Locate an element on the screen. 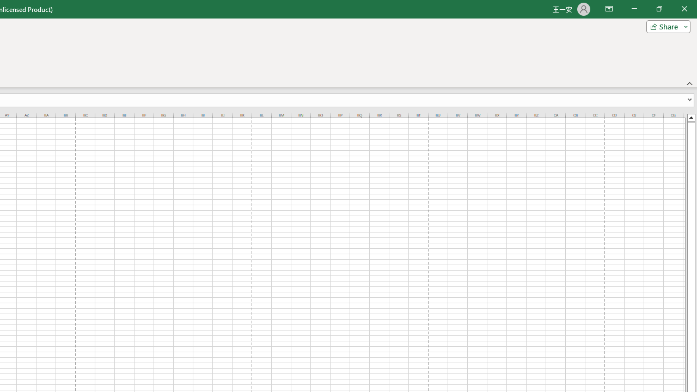 This screenshot has height=392, width=697. 'Collapse the Ribbon' is located at coordinates (689, 83).